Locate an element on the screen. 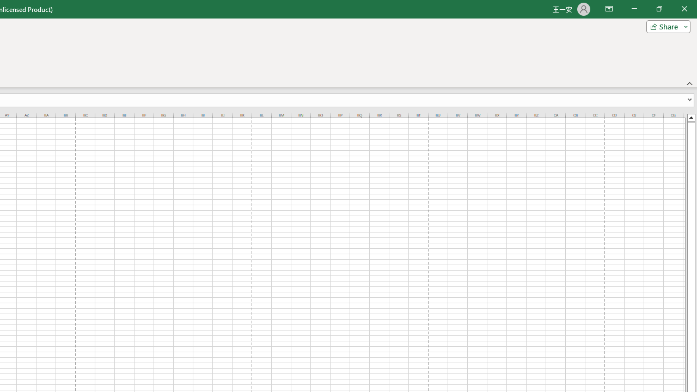 This screenshot has height=392, width=697. 'Collapse the Ribbon' is located at coordinates (689, 83).